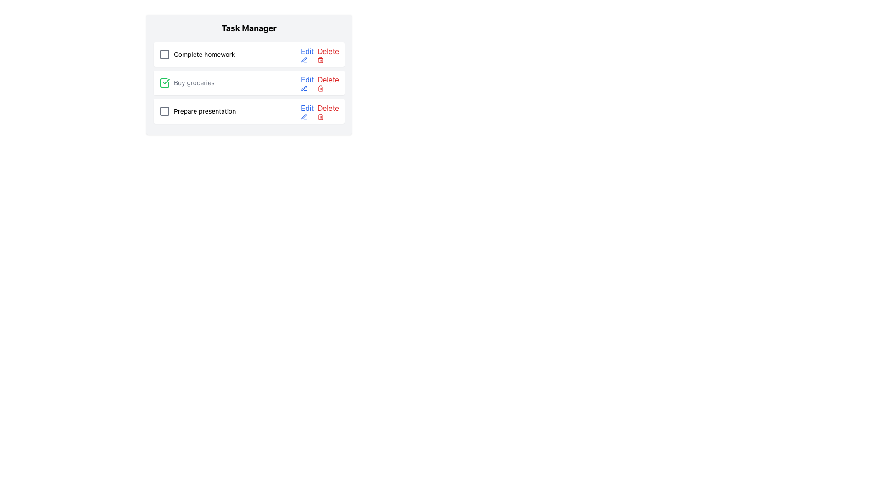 Image resolution: width=881 pixels, height=495 pixels. Describe the element at coordinates (204, 111) in the screenshot. I see `the text label indicating the name of the task within the third list item of the task manager interface, located at the bottom of the list, to provide context for related interactive controls` at that location.